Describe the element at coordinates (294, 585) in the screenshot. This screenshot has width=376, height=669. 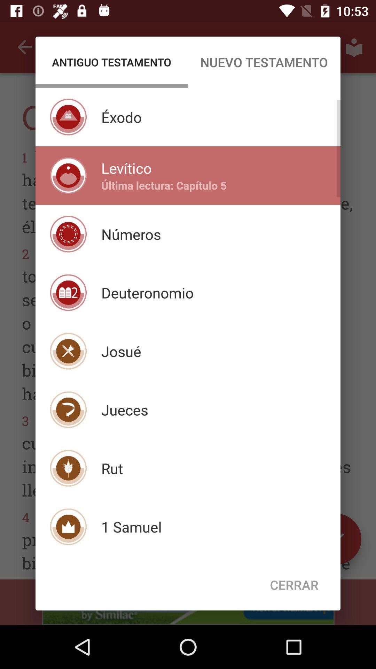
I see `the cerrar icon` at that location.